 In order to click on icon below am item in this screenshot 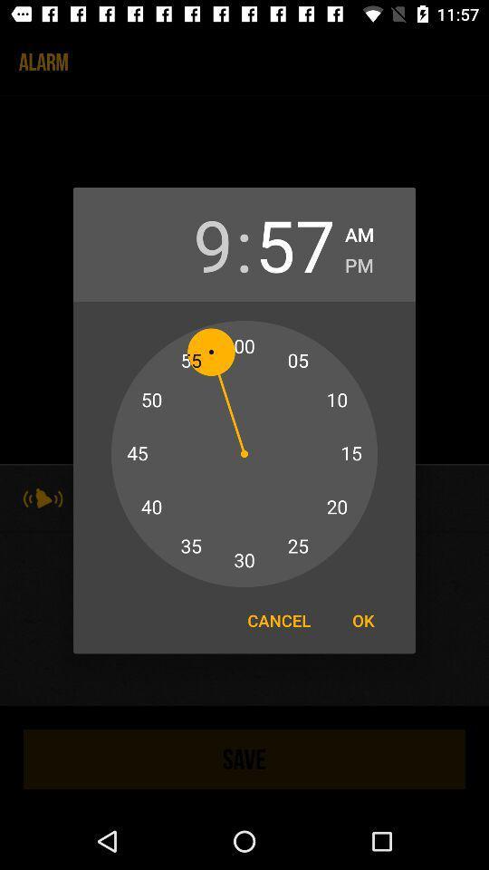, I will do `click(359, 261)`.